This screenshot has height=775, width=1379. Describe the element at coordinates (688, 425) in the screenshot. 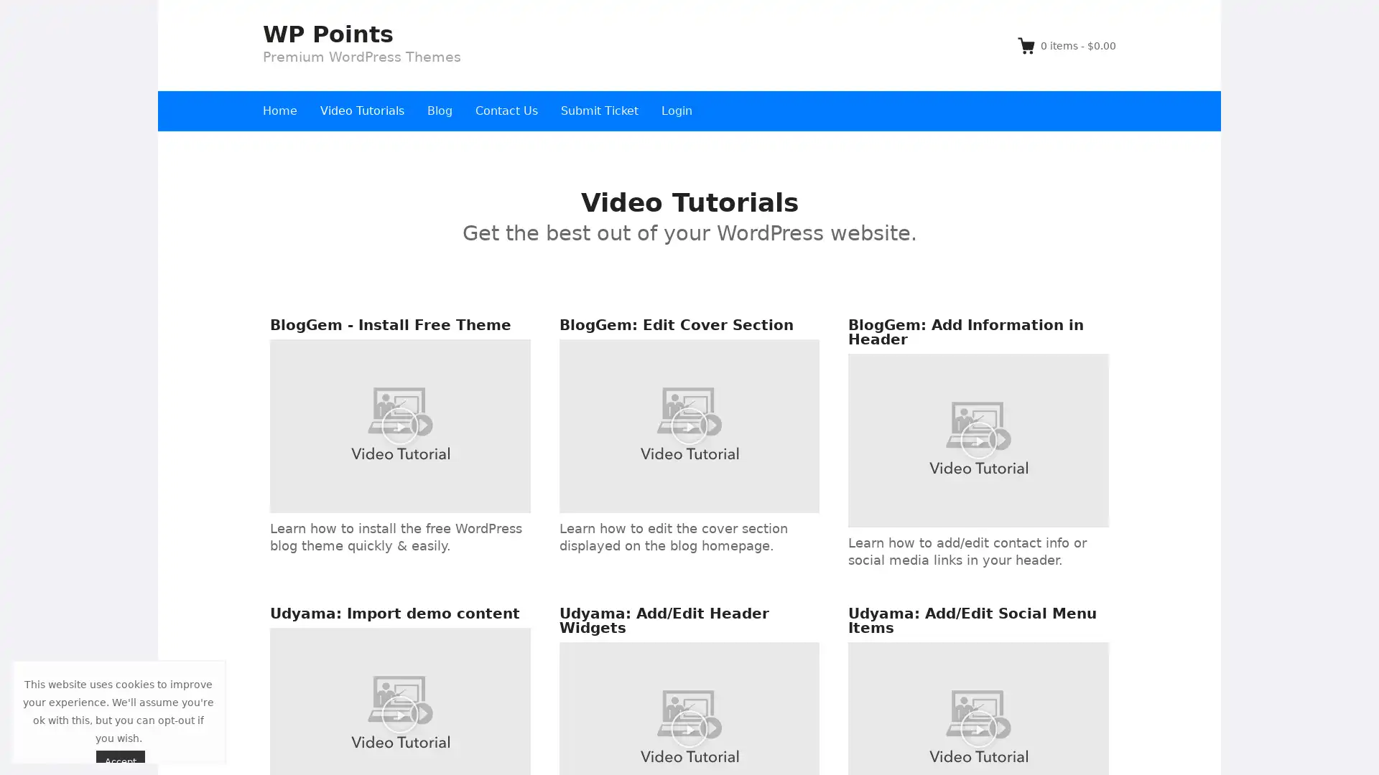

I see `Play Video` at that location.